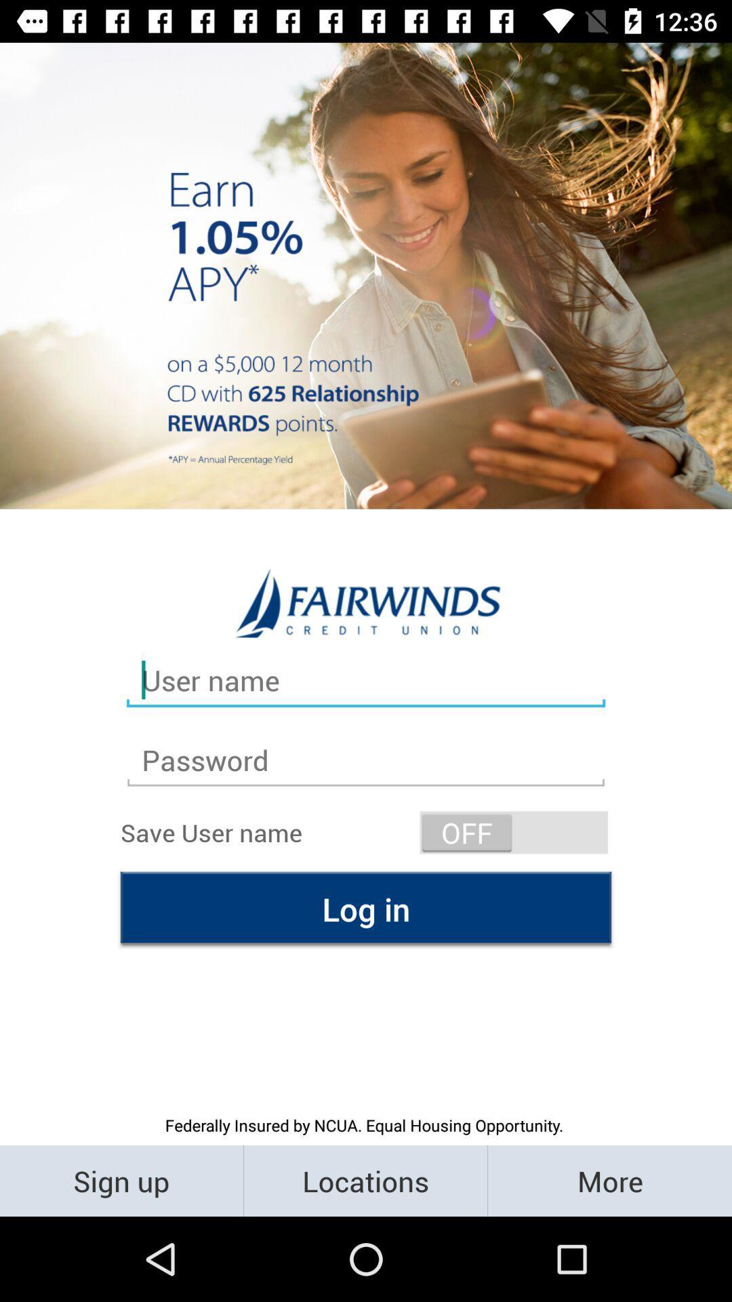 The height and width of the screenshot is (1302, 732). What do you see at coordinates (366, 909) in the screenshot?
I see `log in item` at bounding box center [366, 909].